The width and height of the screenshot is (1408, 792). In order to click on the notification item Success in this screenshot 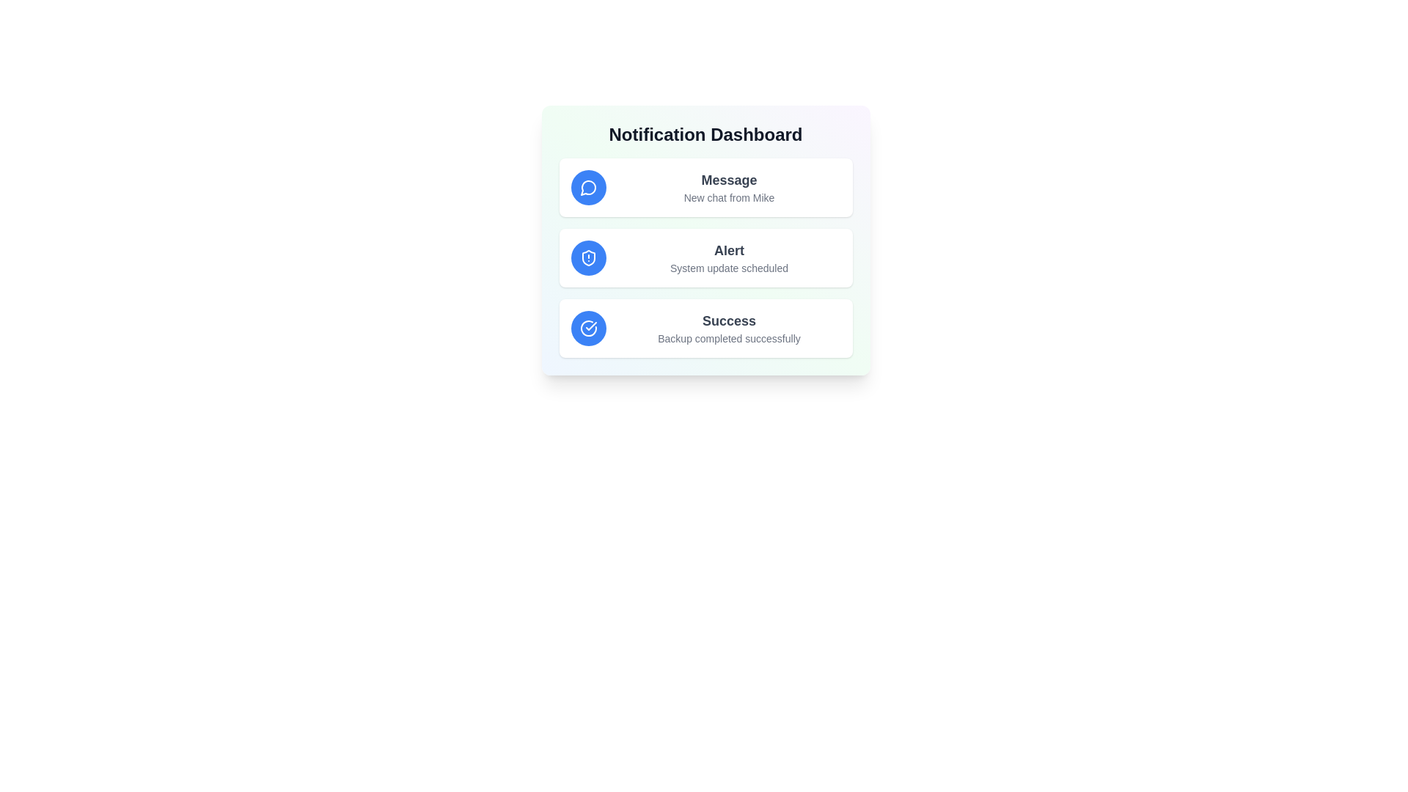, I will do `click(705, 327)`.